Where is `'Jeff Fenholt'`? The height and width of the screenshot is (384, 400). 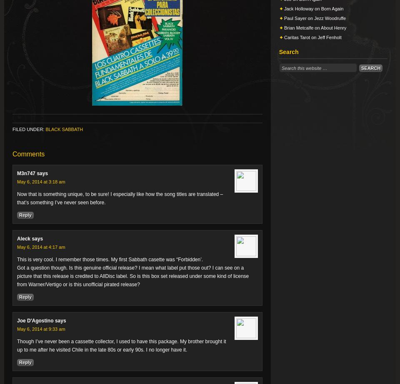
'Jeff Fenholt' is located at coordinates (329, 37).